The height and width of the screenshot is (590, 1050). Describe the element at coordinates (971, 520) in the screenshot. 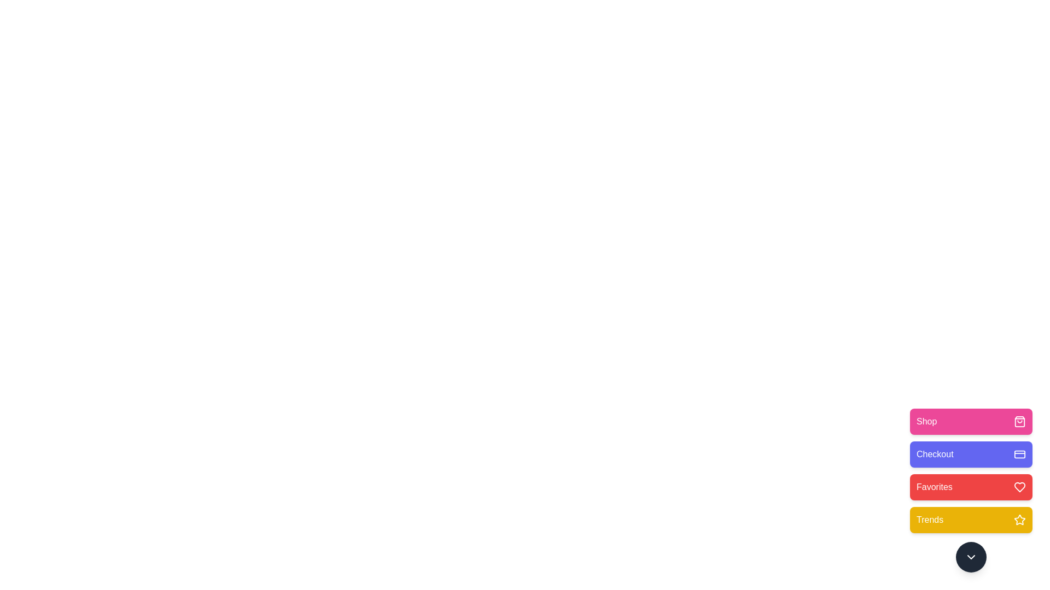

I see `the Trends button to observe its transition effect` at that location.